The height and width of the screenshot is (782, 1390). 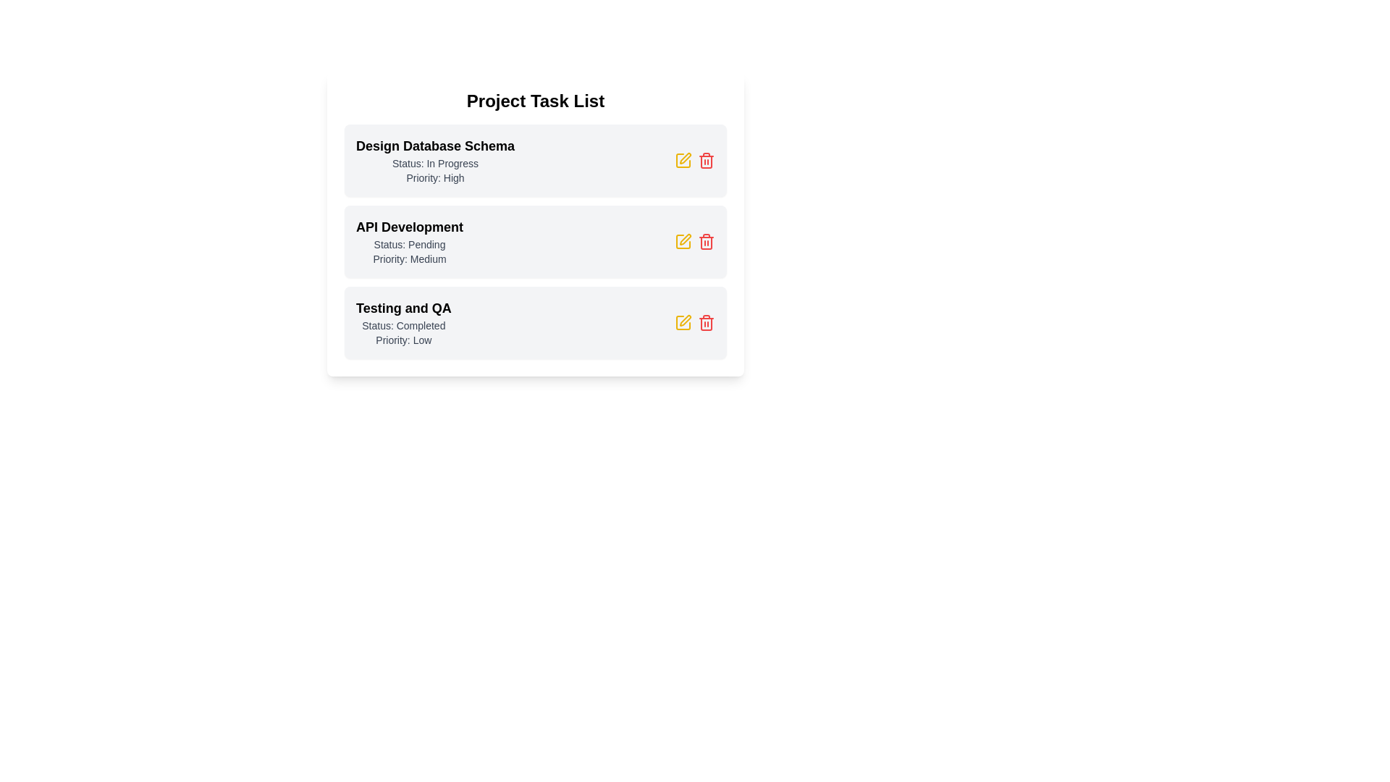 I want to click on trash icon next to the task with the name API Development to delete it, so click(x=706, y=241).